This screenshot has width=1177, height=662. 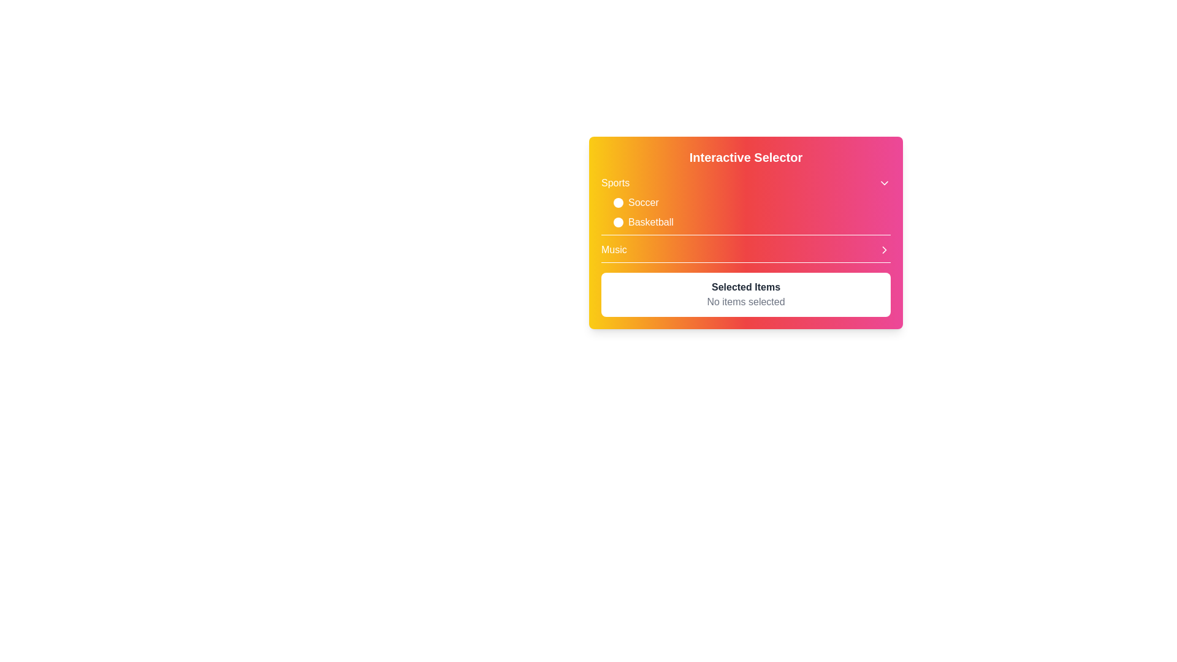 I want to click on the interactive button on the left side of the word 'Basketball', so click(x=618, y=222).